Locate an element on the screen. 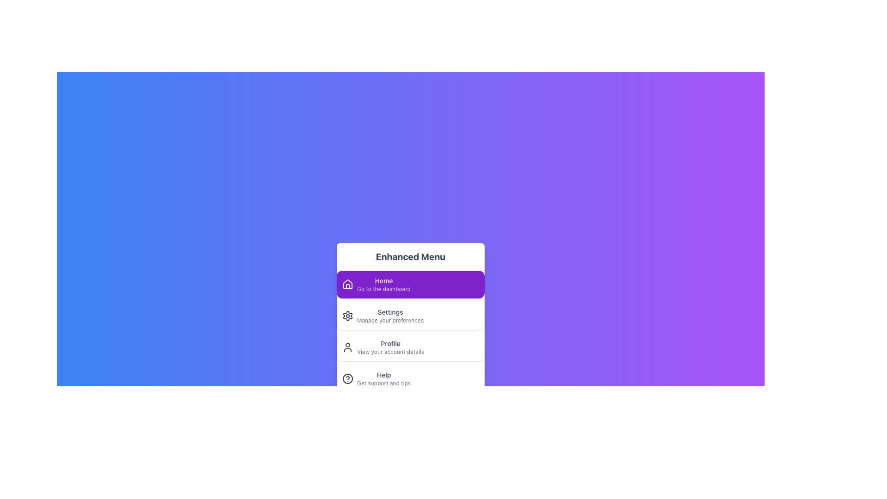 This screenshot has height=499, width=887. the 'Help' icon located in the lower part of the vertical menu, adjacent to the 'Help' label is located at coordinates (347, 379).